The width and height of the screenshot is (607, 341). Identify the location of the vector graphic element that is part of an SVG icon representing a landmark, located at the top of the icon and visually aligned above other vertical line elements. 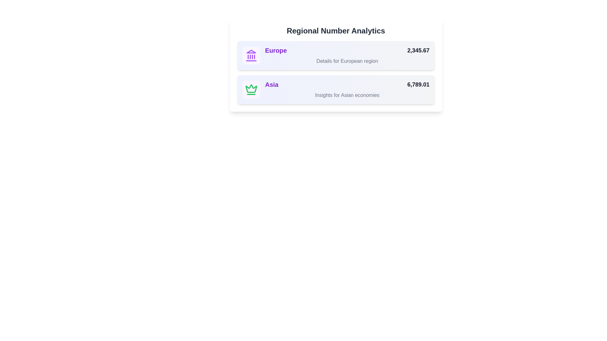
(251, 51).